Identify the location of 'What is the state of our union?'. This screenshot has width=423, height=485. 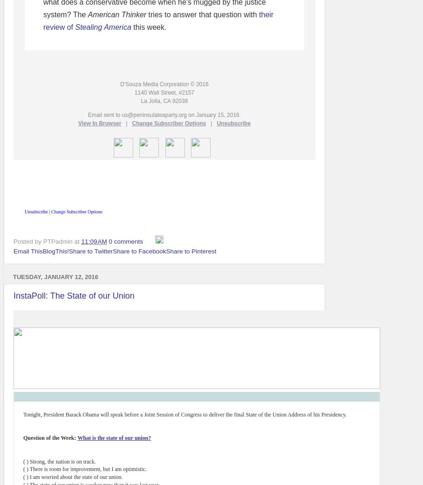
(113, 438).